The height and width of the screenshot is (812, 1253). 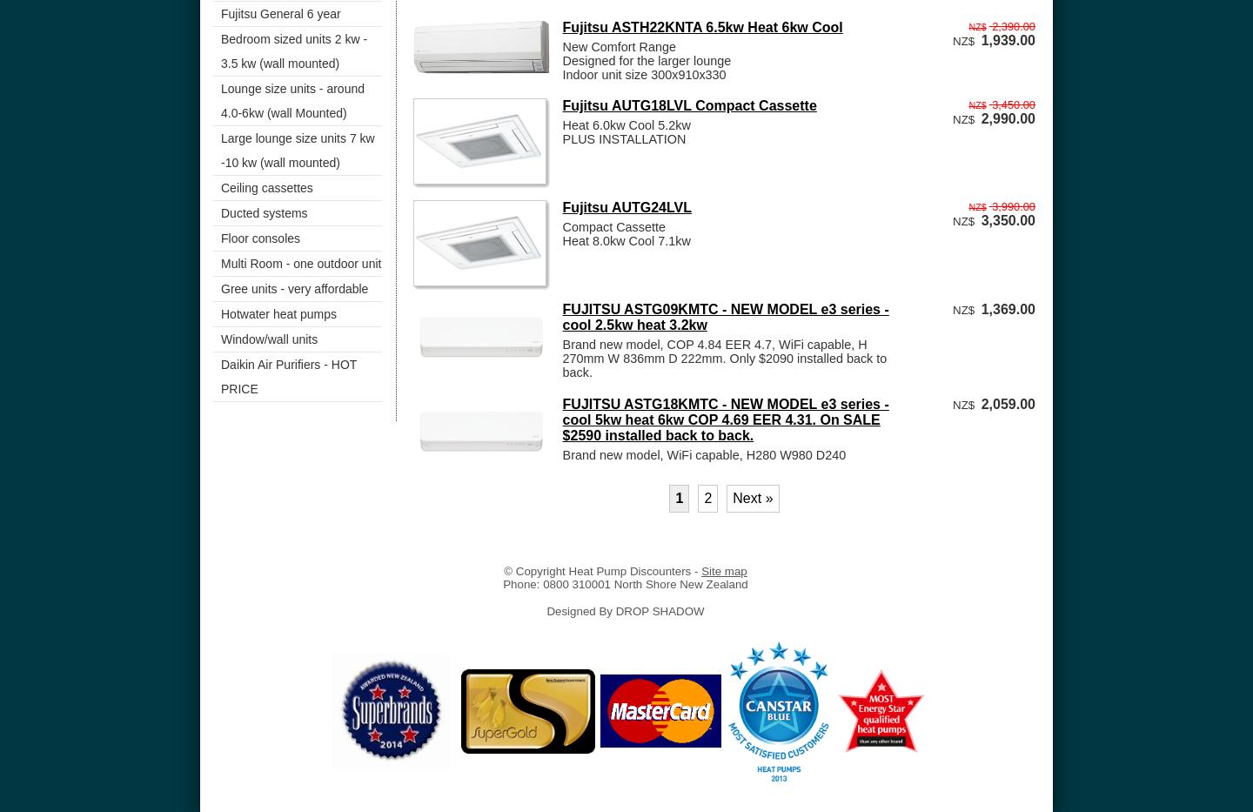 What do you see at coordinates (626, 124) in the screenshot?
I see `'Heat 6.0kw Cool 5.2kw'` at bounding box center [626, 124].